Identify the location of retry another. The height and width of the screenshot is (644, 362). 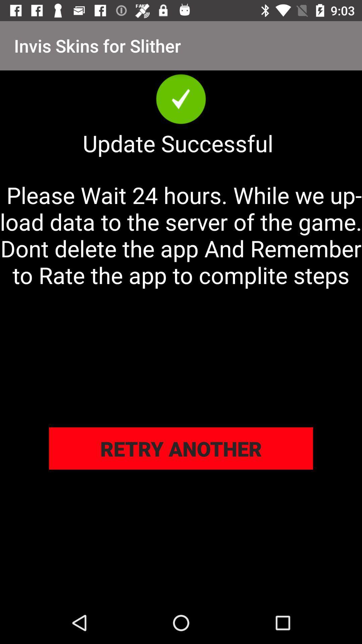
(181, 448).